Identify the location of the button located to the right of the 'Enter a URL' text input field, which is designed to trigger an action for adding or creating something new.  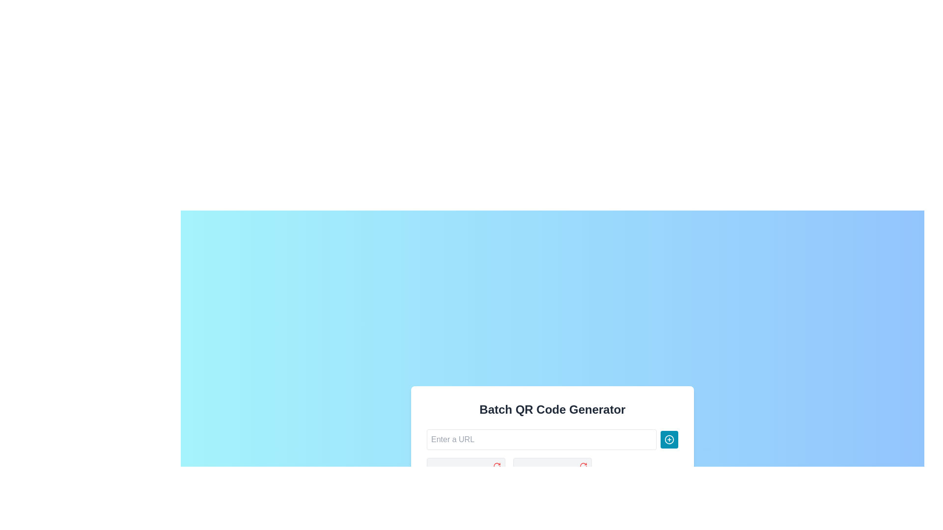
(669, 439).